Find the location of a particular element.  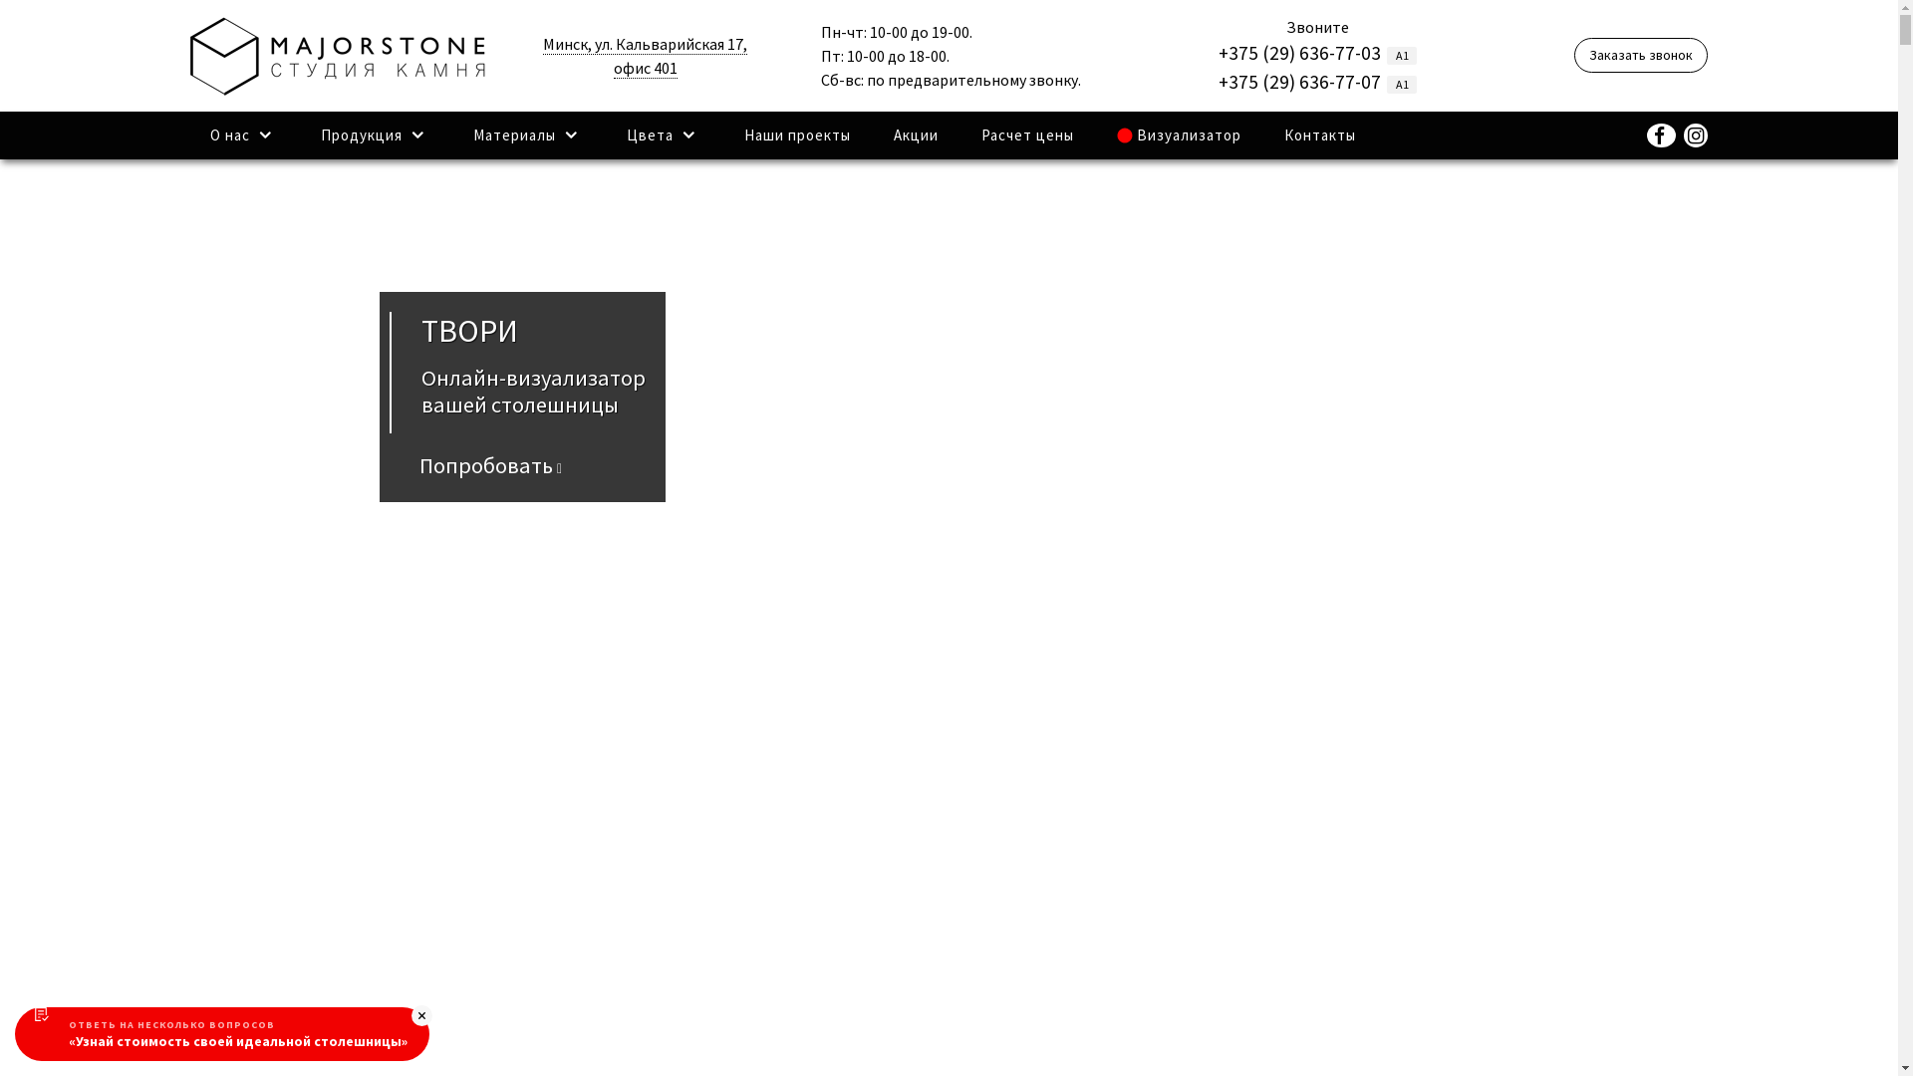

'+375 (29) 636-77-03' is located at coordinates (1299, 52).